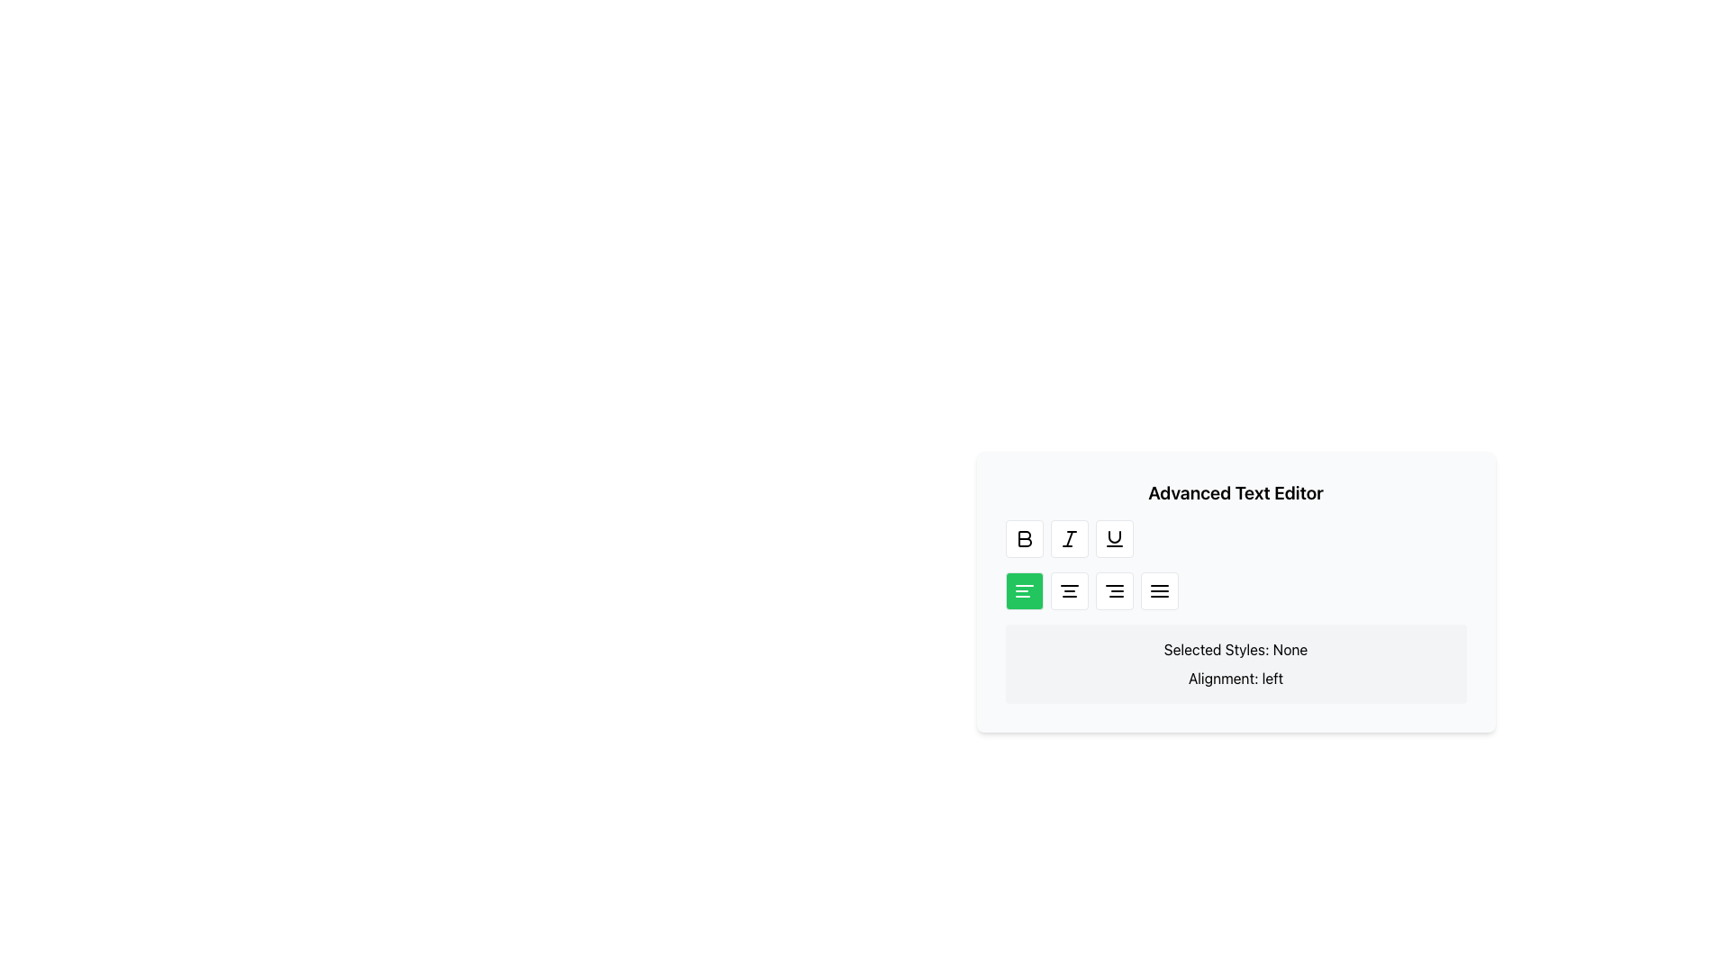  What do you see at coordinates (1069, 590) in the screenshot?
I see `the alignment tool button, which is represented by three horizontal black lines of varying lengths, located in the second row of the 'Advanced Text Editor' UI section, specifically the second button from the left` at bounding box center [1069, 590].